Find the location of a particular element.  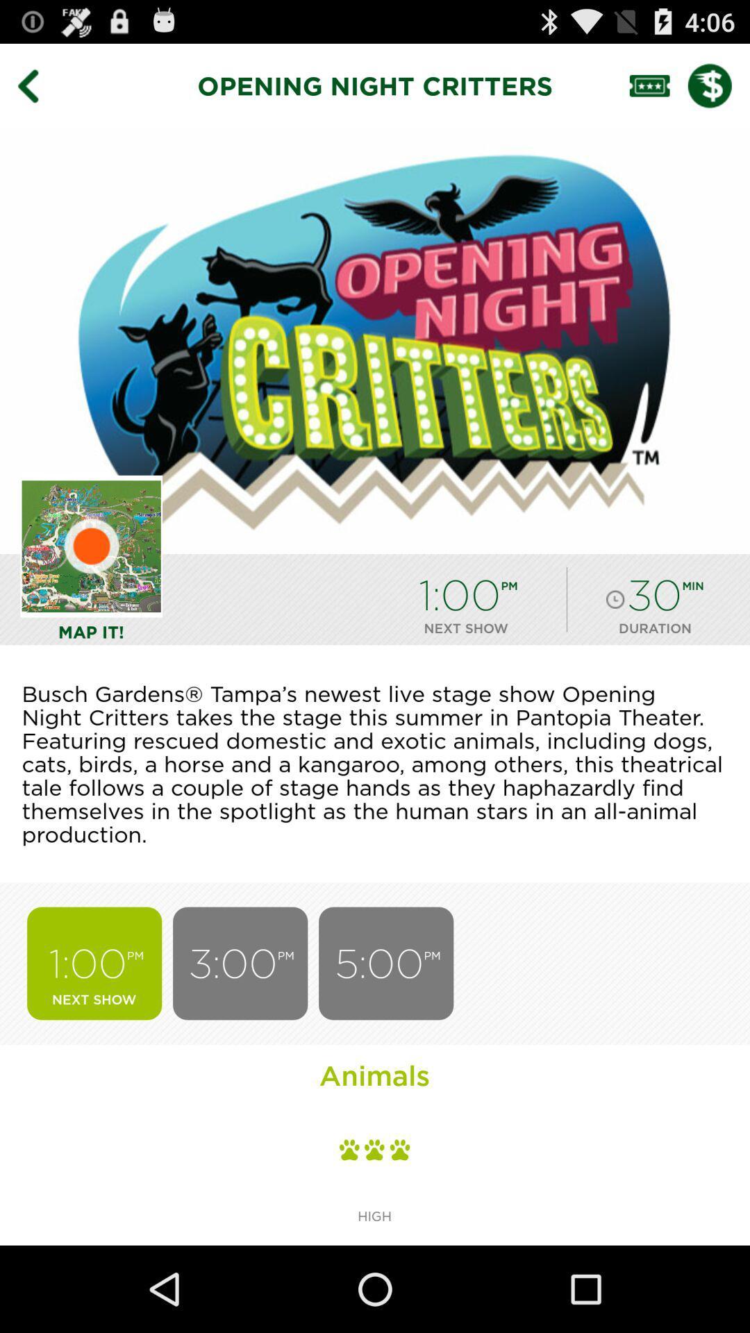

look at the map is located at coordinates (91, 546).